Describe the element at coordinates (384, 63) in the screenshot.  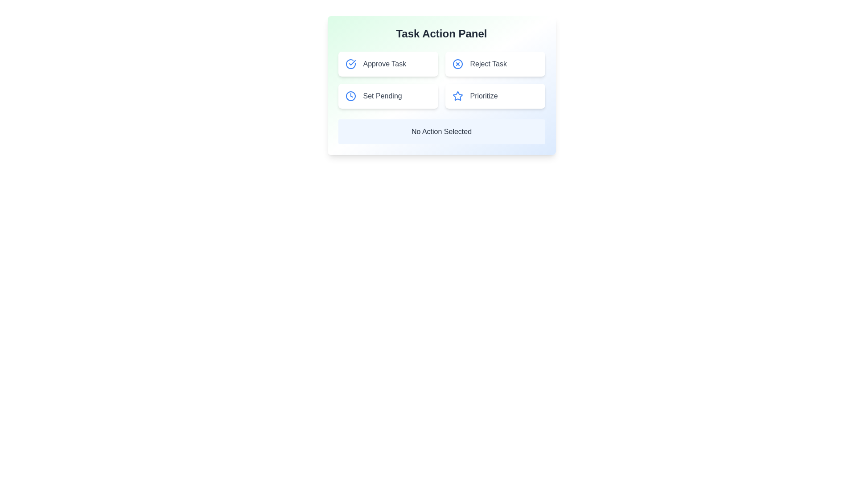
I see `the text label that provides context for the approval button, located towards the right-hand side of the button in the top-left quadrant of the Task Action Panel` at that location.